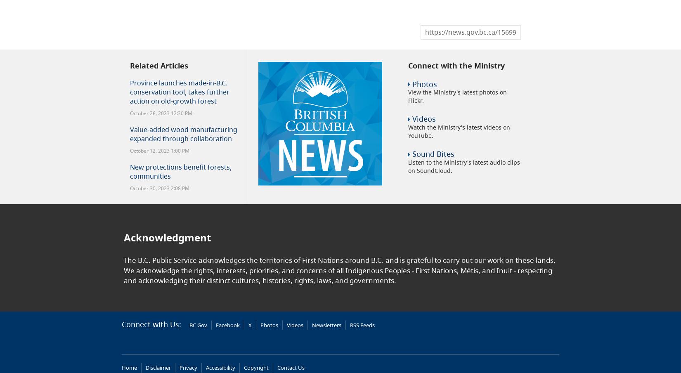 This screenshot has height=373, width=681. What do you see at coordinates (339, 270) in the screenshot?
I see `'The B.C. Public Service acknowledges the territories of First Nations around B.C. and is grateful
            to carry out our work on these lands. We acknowledge the rights, interests, priorities, and concerns of all Indigenous Peoples - First 
            Nations, Métis, and Inuit - respecting and acknowledging their distinct cultures, histories, rights, laws, and governments.'` at bounding box center [339, 270].